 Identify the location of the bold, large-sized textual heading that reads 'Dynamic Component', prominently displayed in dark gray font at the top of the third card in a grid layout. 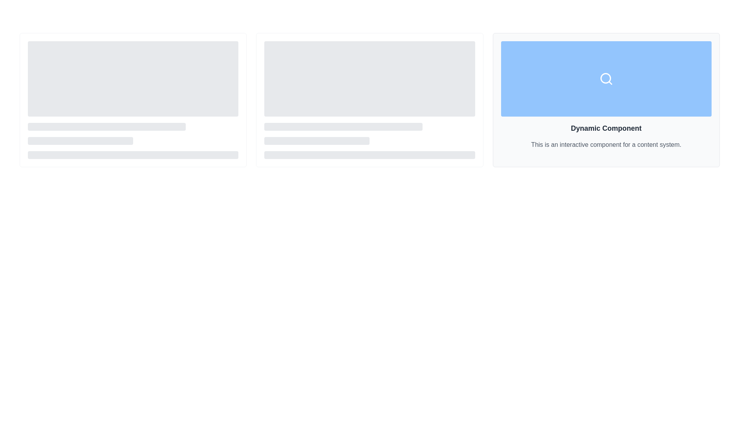
(606, 128).